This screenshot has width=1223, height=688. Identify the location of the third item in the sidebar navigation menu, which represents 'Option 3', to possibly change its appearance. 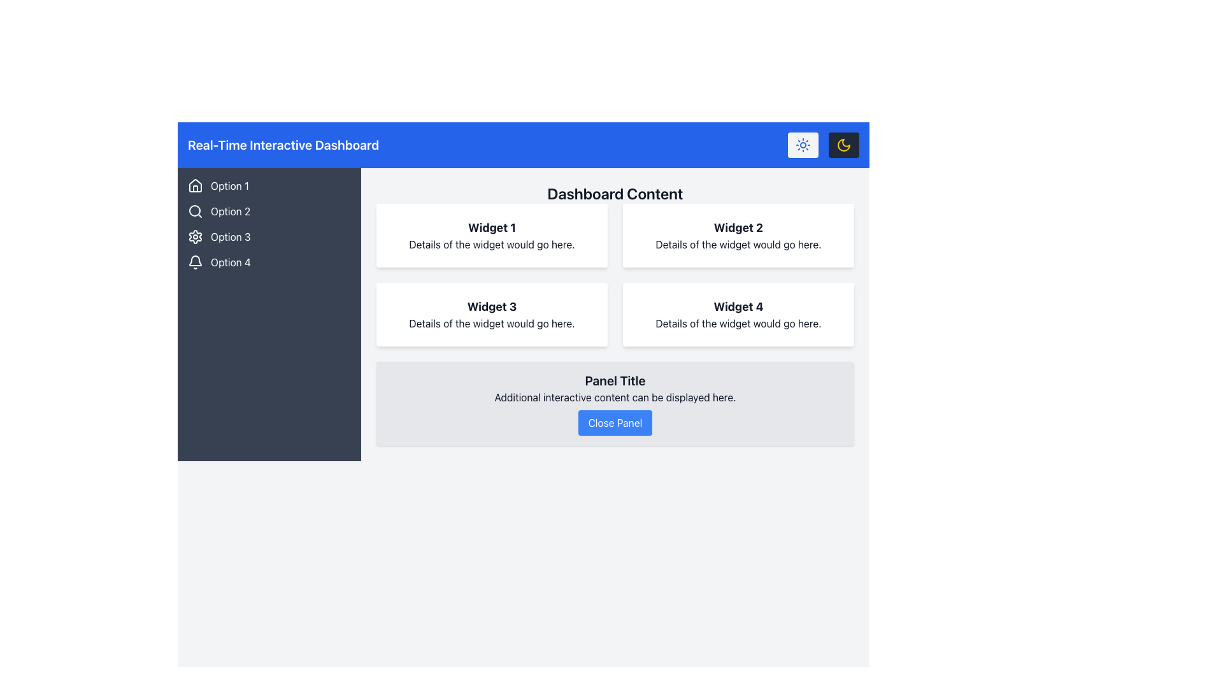
(268, 236).